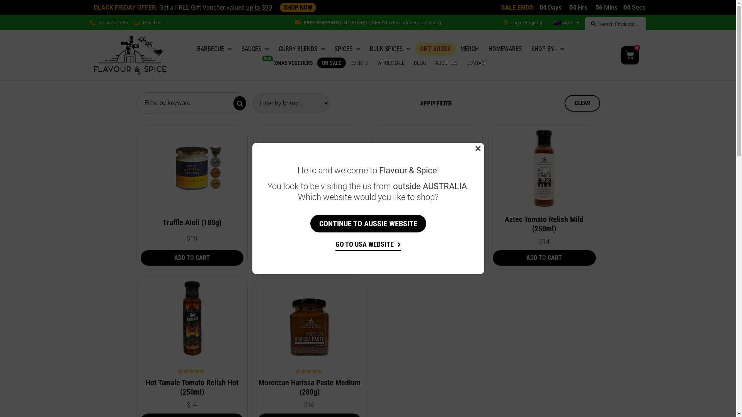 The image size is (742, 417). I want to click on 'Hot Tamale Tomato Relish Hot (250ml)', so click(192, 387).